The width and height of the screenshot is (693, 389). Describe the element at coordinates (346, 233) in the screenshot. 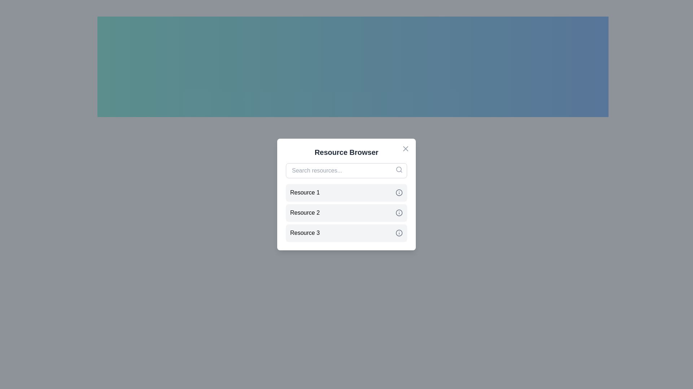

I see `the dot associated with 'Resource 3' in the list of resources` at that location.